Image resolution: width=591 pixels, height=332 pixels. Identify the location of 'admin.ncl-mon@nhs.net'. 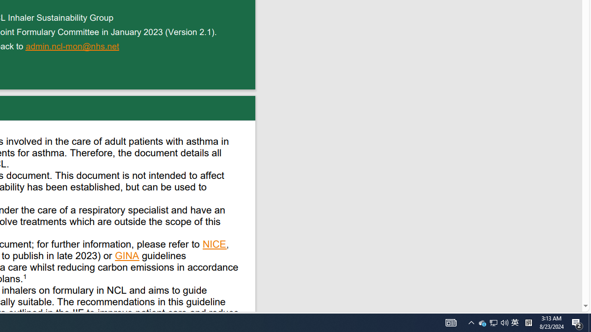
(72, 47).